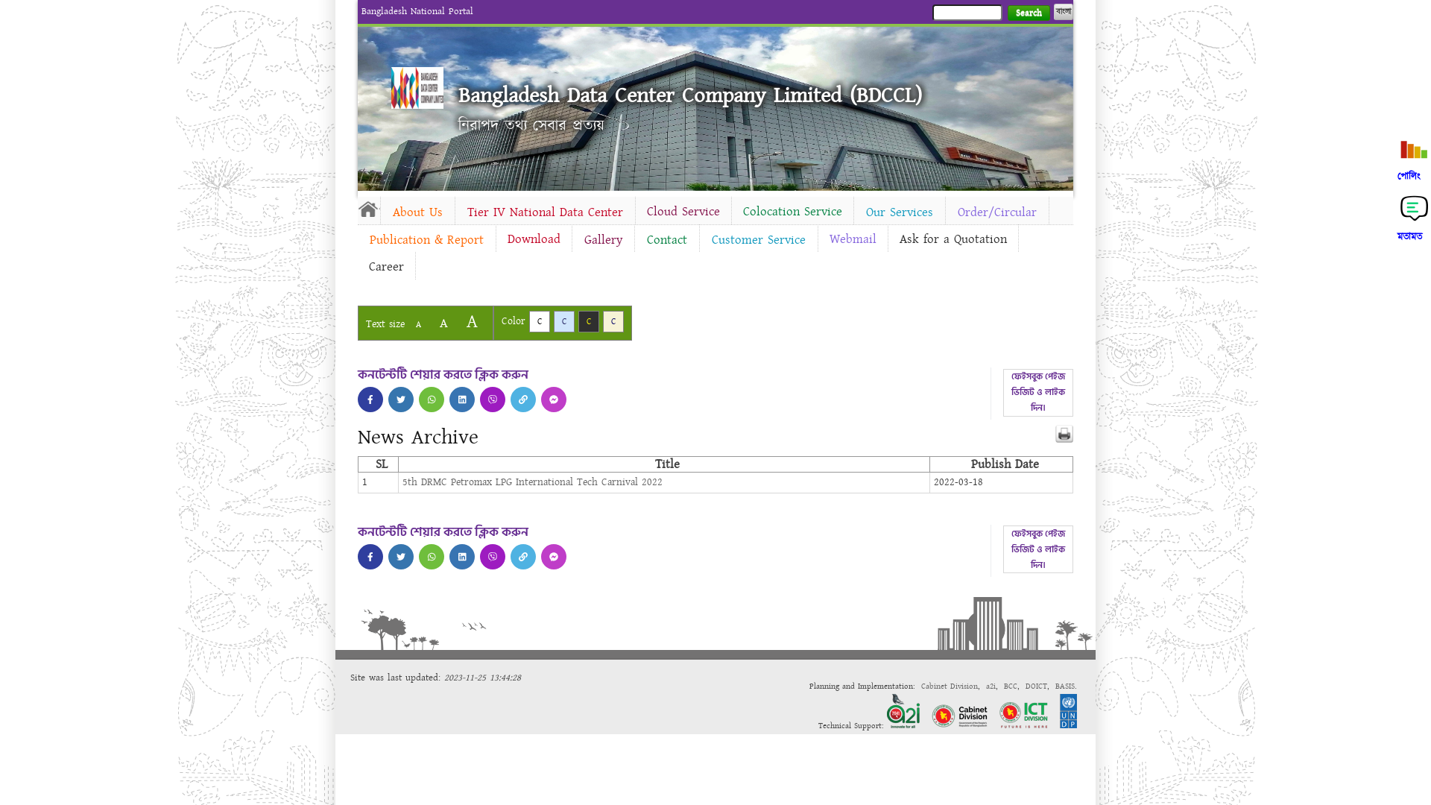  I want to click on 'A', so click(417, 323).